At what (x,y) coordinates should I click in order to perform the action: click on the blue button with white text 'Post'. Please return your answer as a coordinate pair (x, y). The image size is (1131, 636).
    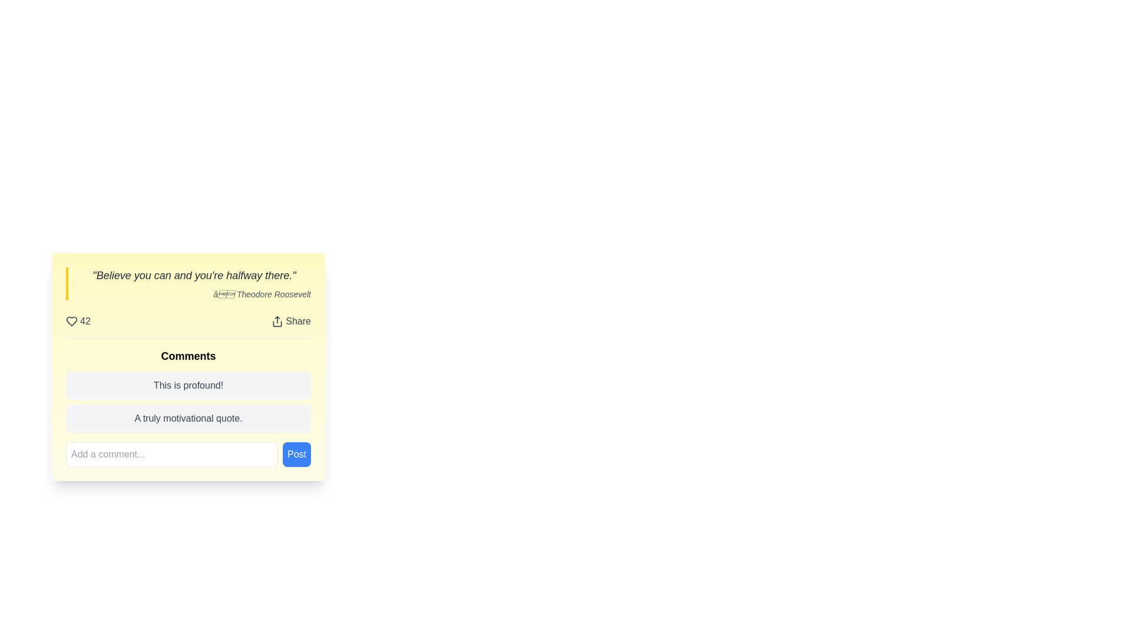
    Looking at the image, I should click on (297, 453).